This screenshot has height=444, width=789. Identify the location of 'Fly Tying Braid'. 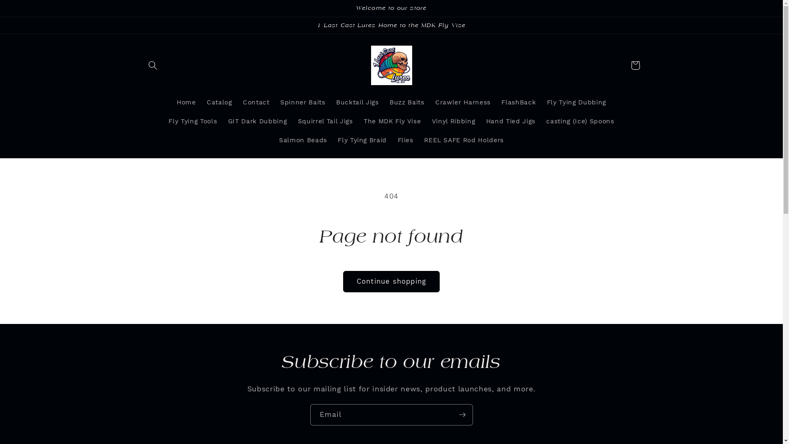
(332, 140).